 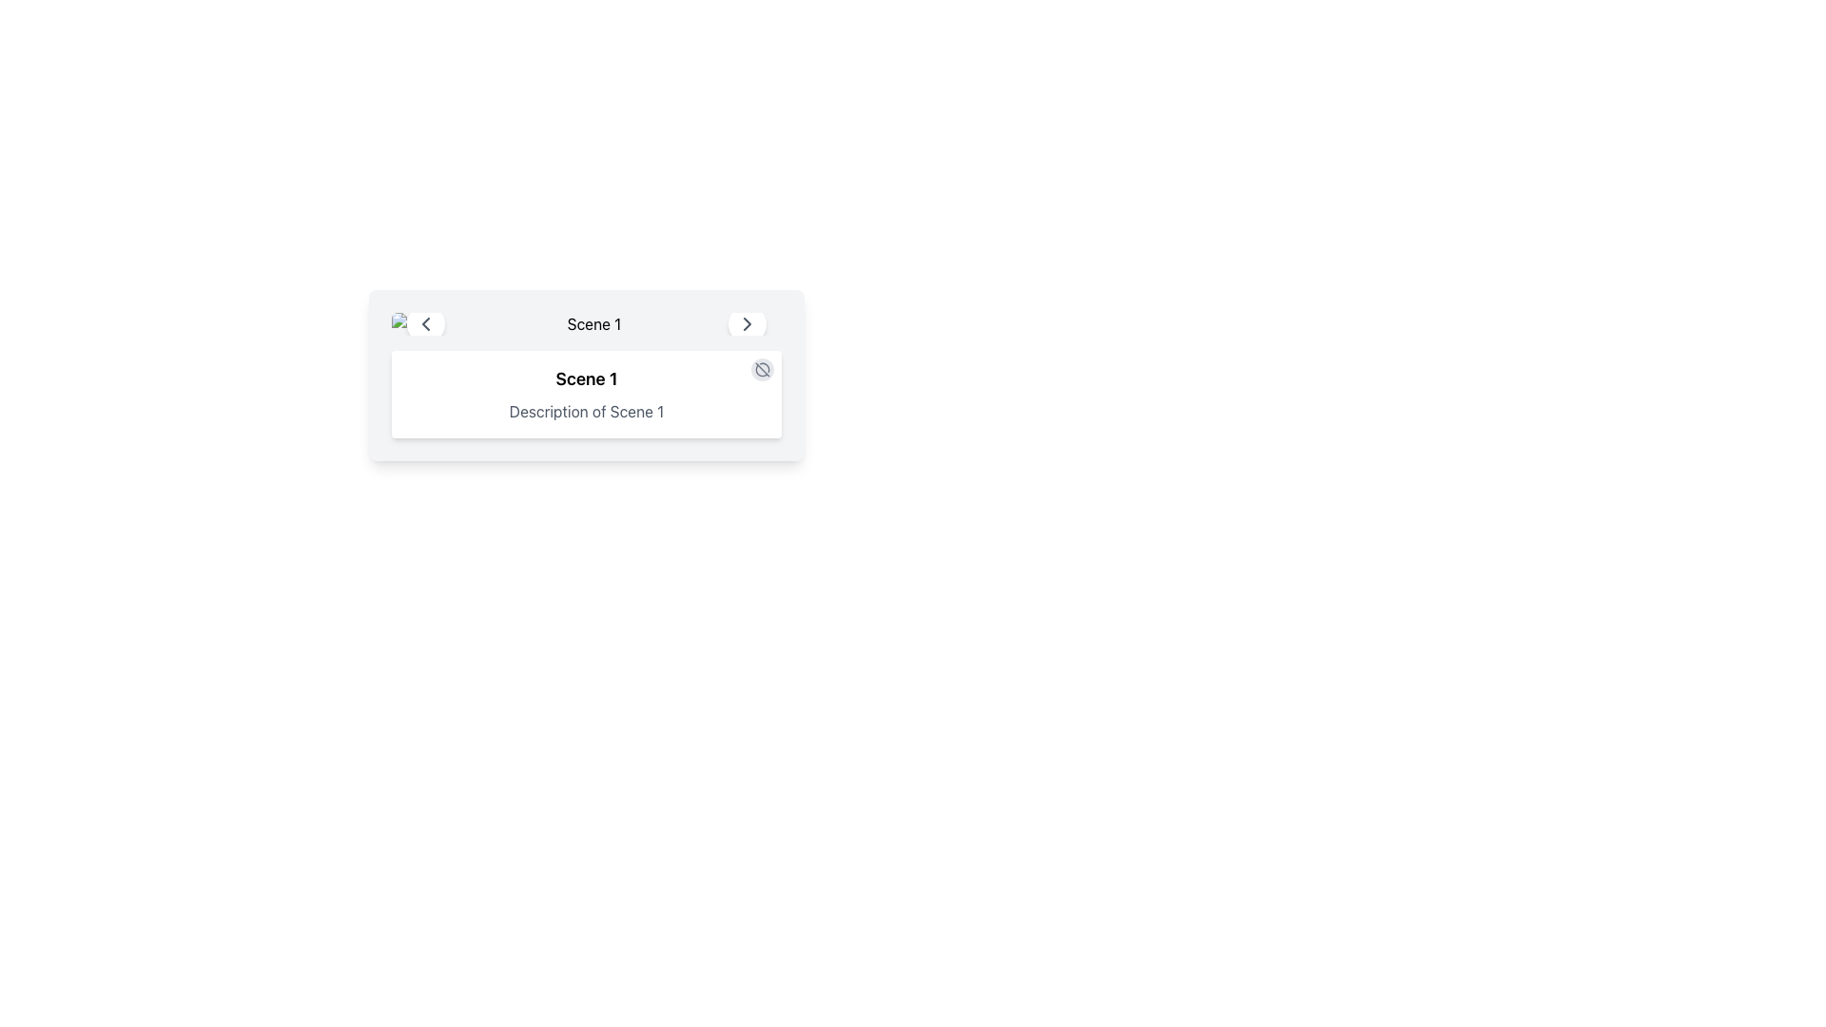 What do you see at coordinates (424, 322) in the screenshot?
I see `the left chevron icon located within a circular button near the top-left corner of the card` at bounding box center [424, 322].